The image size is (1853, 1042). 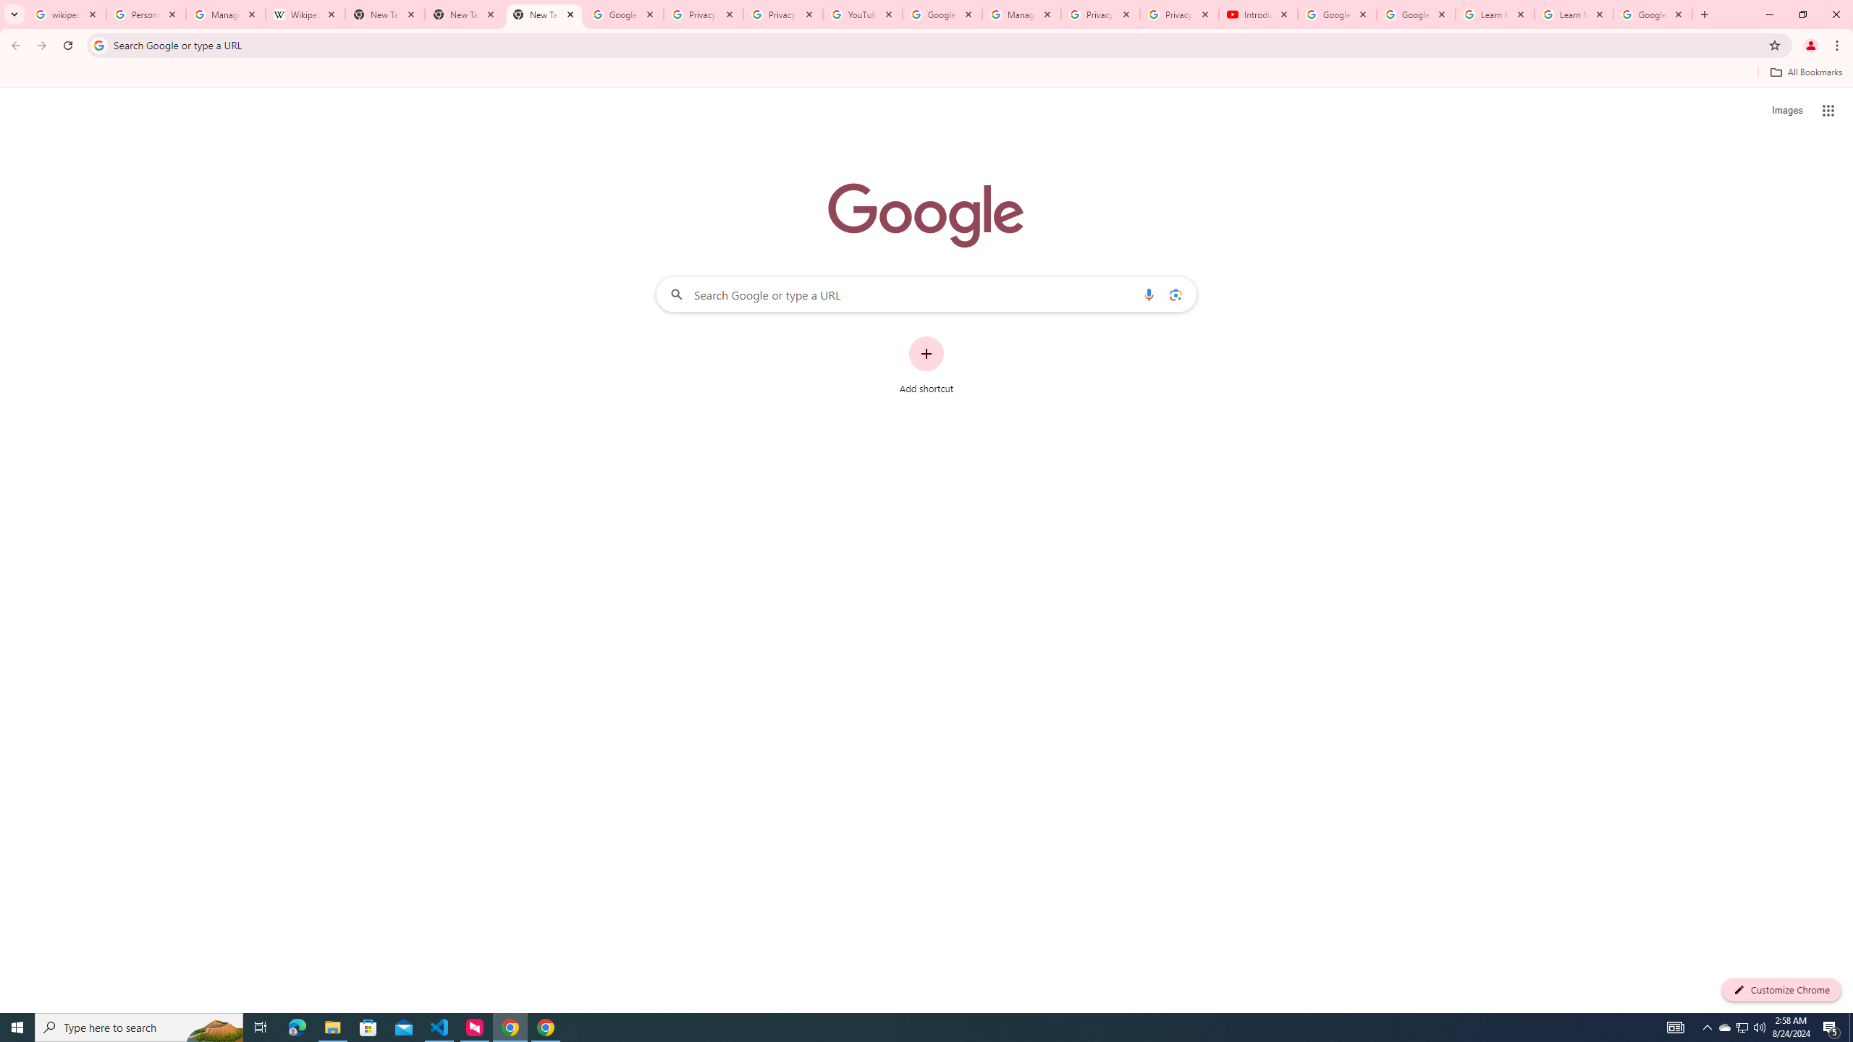 What do you see at coordinates (464, 14) in the screenshot?
I see `'New Tab'` at bounding box center [464, 14].